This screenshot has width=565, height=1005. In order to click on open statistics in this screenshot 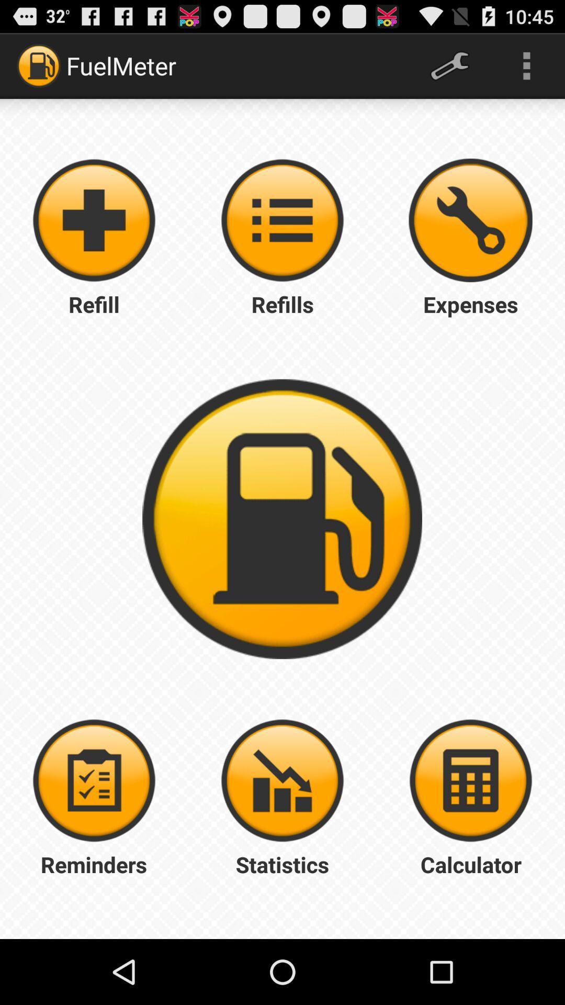, I will do `click(282, 780)`.